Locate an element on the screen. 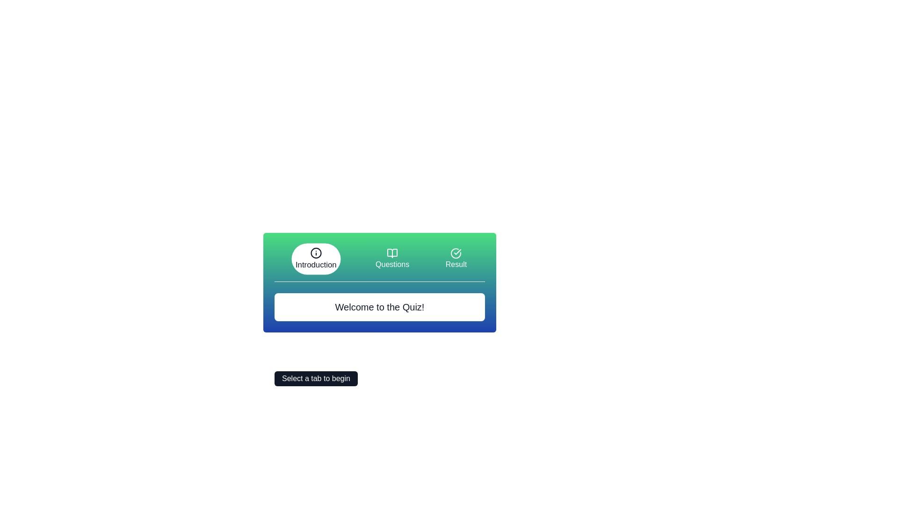 The width and height of the screenshot is (898, 505). the Questions tab to display its content is located at coordinates (392, 259).